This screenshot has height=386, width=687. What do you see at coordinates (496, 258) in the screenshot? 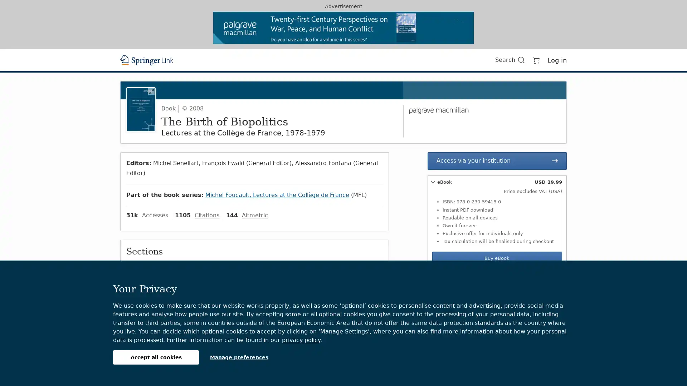
I see `Buy eBook` at bounding box center [496, 258].